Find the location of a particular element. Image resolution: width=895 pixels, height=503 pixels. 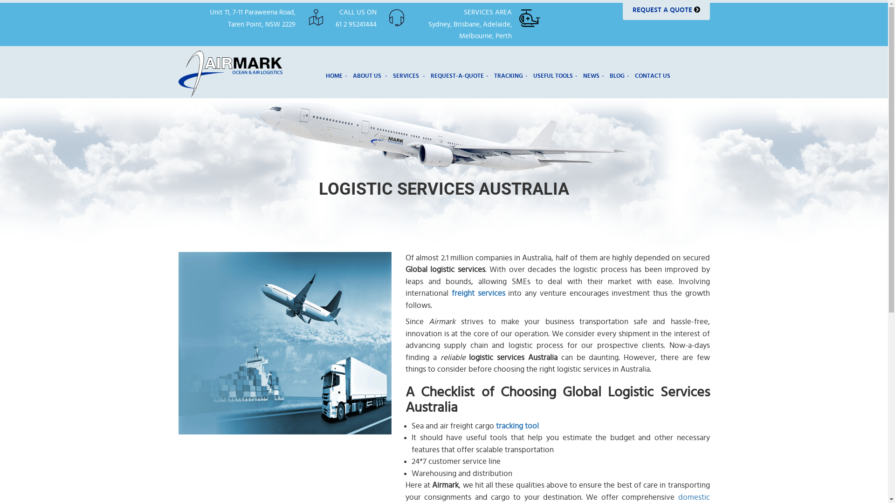

'NEWS' is located at coordinates (593, 75).